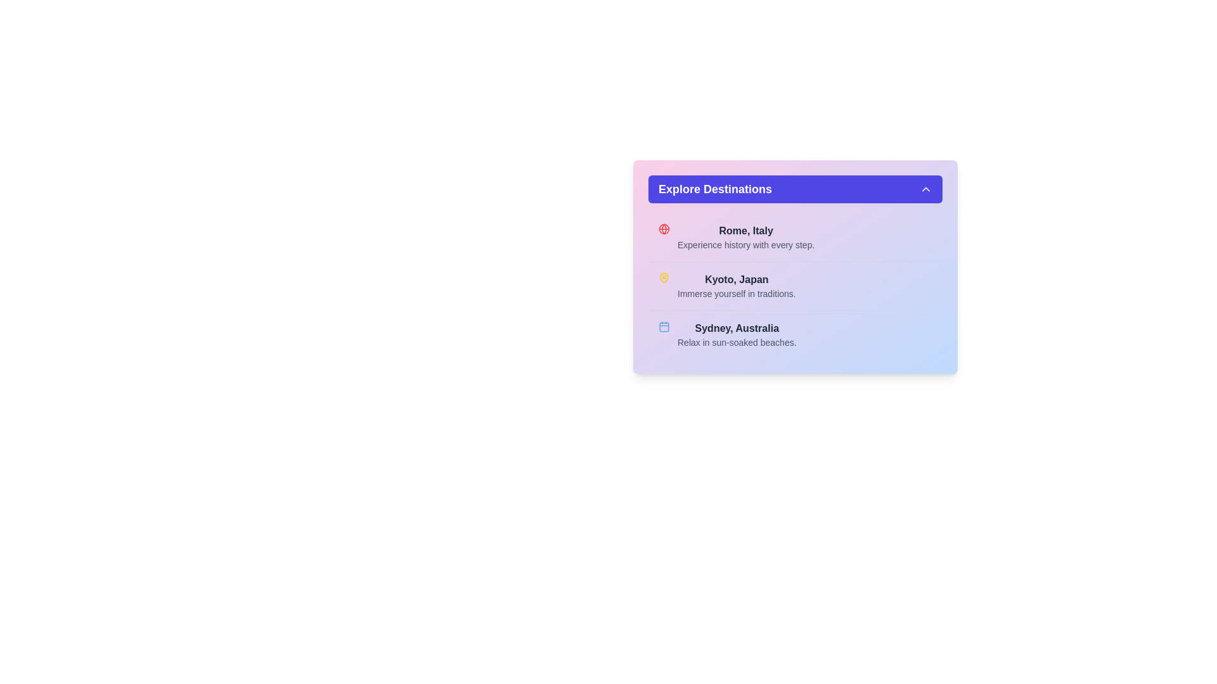 The image size is (1217, 684). Describe the element at coordinates (663, 334) in the screenshot. I see `the blue calendar icon located adjacent to the text 'Sydney, Australia' and complementing the description 'Relax in sun-soaked beaches.'` at that location.